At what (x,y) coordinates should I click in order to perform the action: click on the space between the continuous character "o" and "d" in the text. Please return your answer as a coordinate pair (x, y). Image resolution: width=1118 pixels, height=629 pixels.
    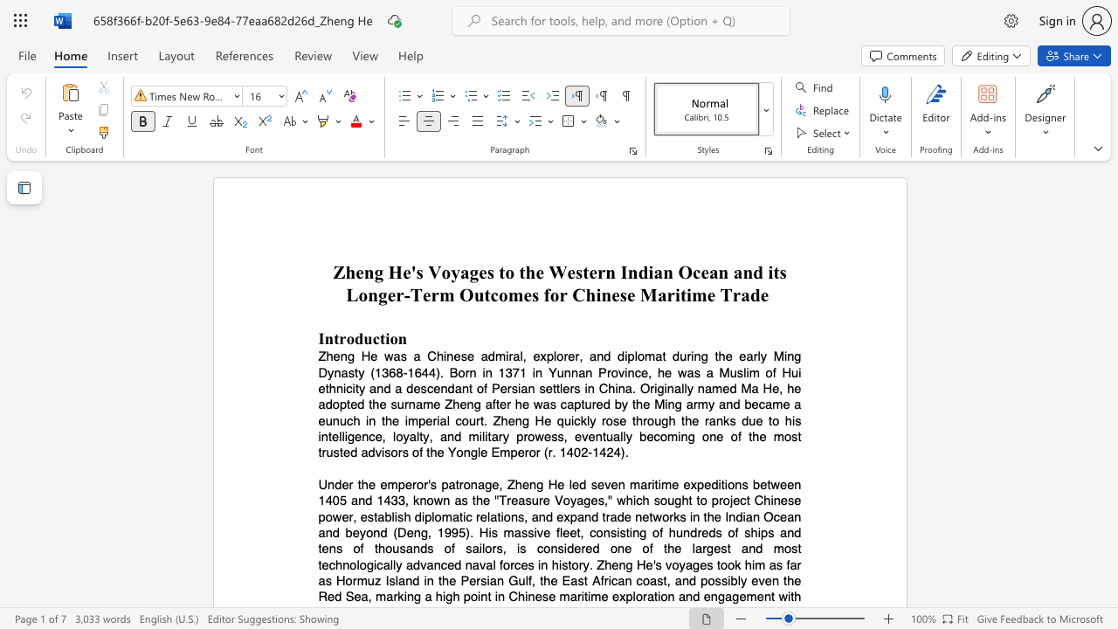
    Looking at the image, I should click on (354, 338).